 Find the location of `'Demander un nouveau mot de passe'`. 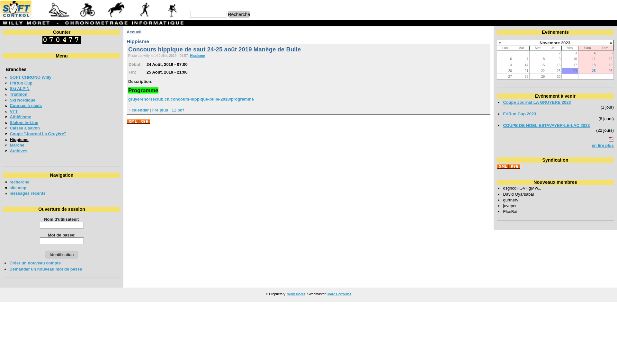

'Demander un nouveau mot de passe' is located at coordinates (45, 269).